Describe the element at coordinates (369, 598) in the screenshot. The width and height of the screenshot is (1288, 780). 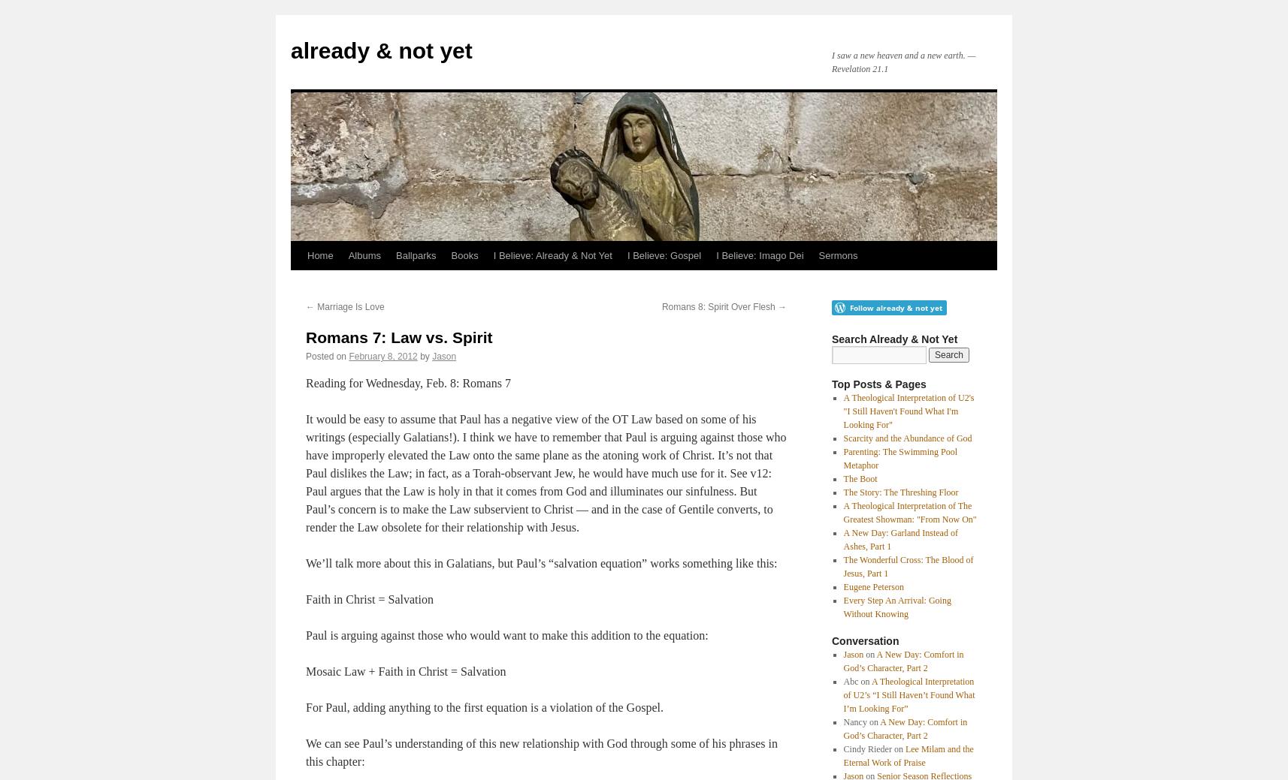
I see `'Faith in Christ = Salvation'` at that location.